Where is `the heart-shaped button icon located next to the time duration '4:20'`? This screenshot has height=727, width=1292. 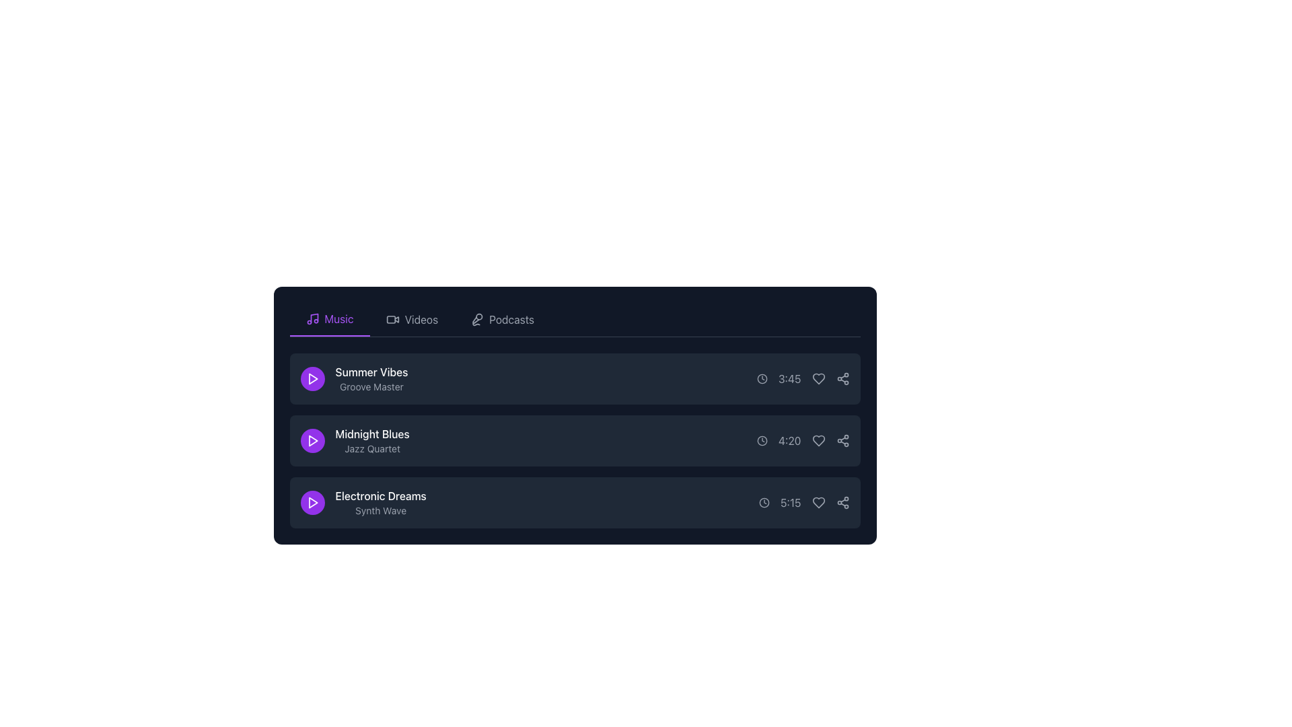 the heart-shaped button icon located next to the time duration '4:20' is located at coordinates (818, 441).